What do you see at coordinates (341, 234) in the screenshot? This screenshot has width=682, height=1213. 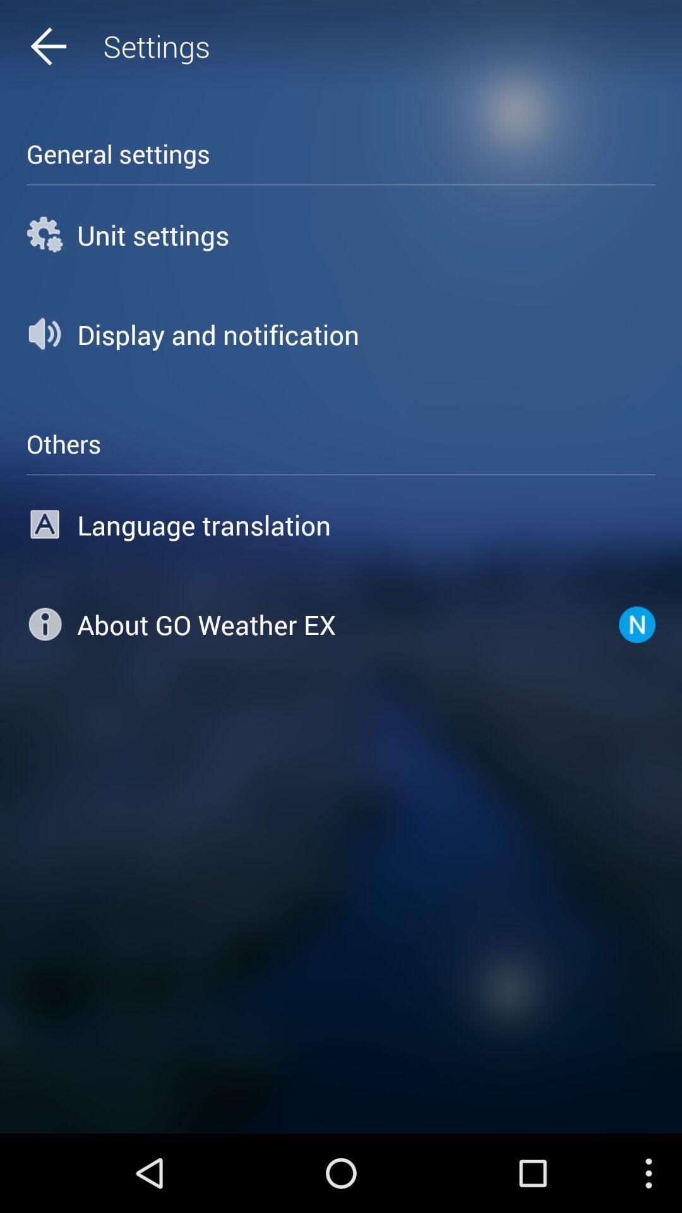 I see `unit settings item` at bounding box center [341, 234].